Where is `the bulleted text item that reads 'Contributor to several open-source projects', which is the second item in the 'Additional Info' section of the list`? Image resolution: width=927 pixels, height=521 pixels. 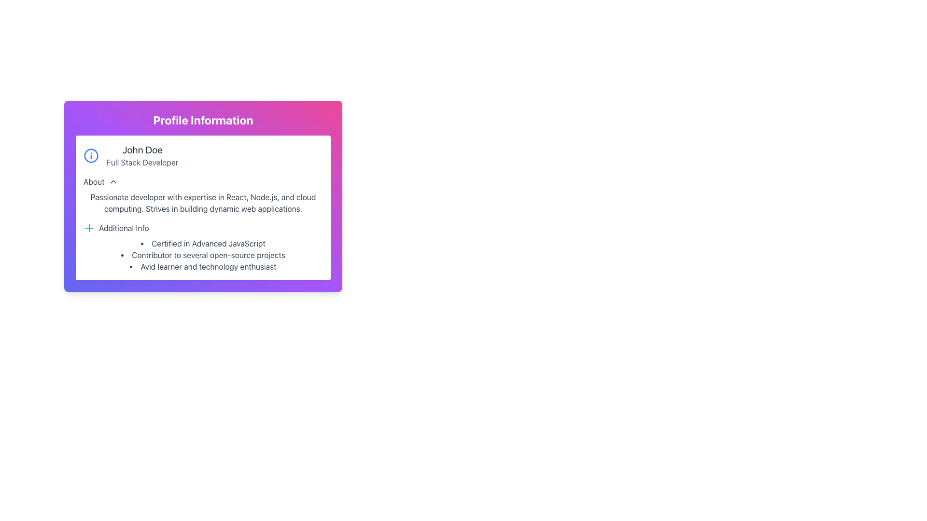 the bulleted text item that reads 'Contributor to several open-source projects', which is the second item in the 'Additional Info' section of the list is located at coordinates (203, 254).